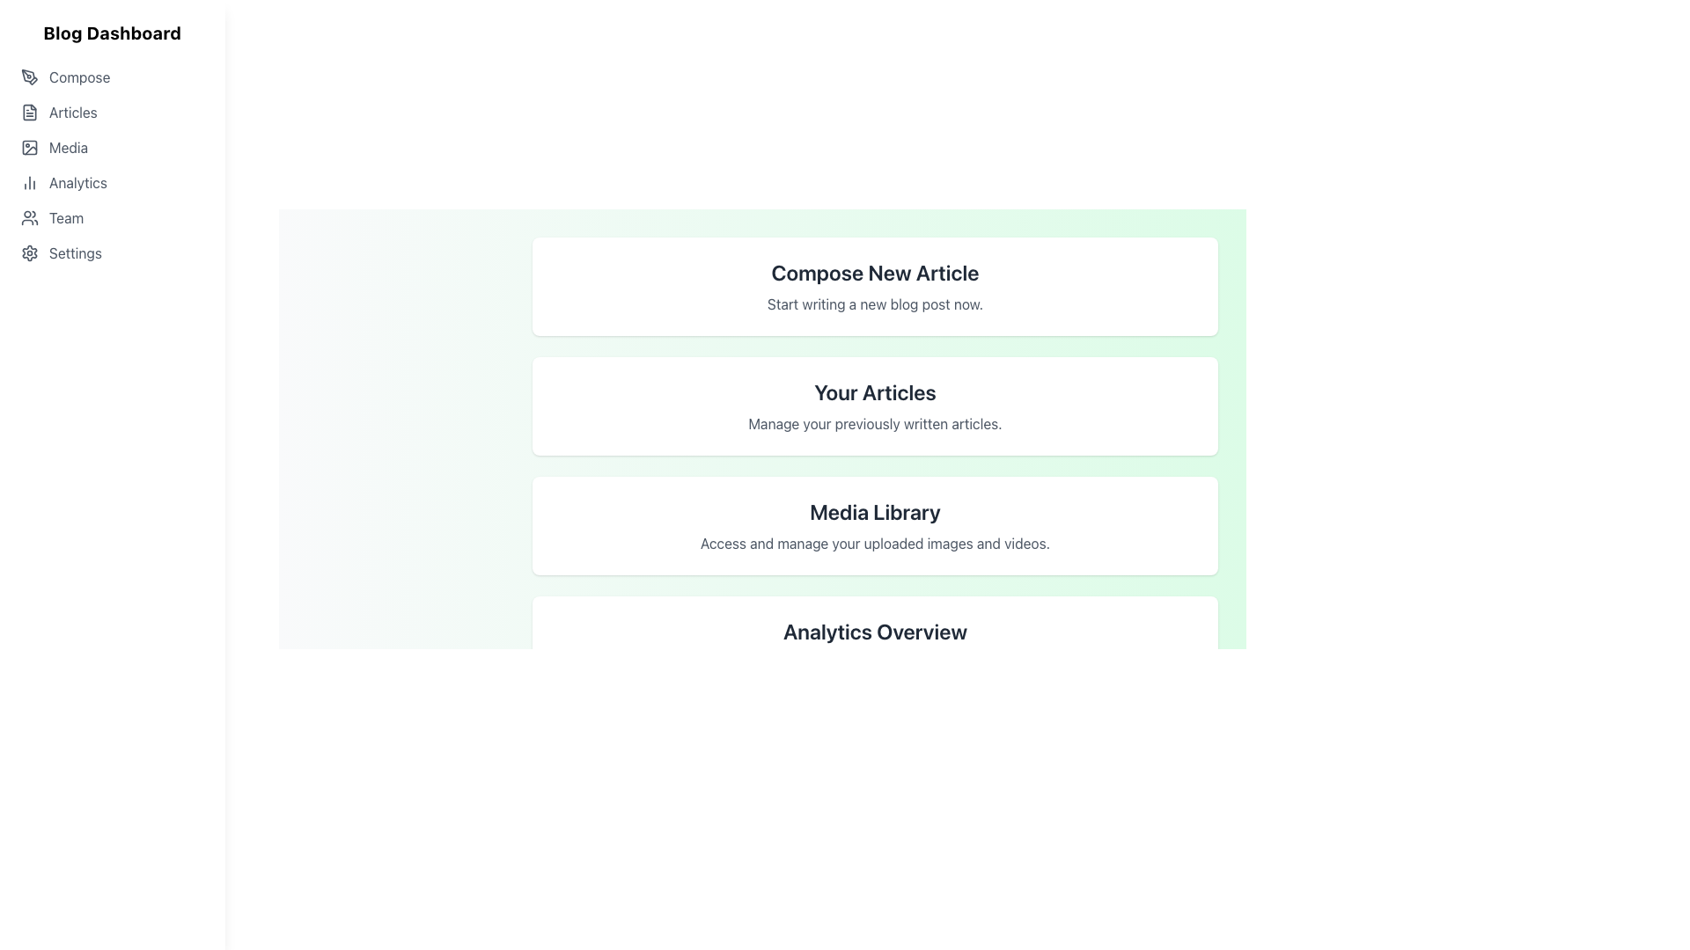 This screenshot has height=950, width=1690. Describe the element at coordinates (875, 512) in the screenshot. I see `the title text located at the center top of the white card labeled 'Media', which helps users identify the section's purpose` at that location.